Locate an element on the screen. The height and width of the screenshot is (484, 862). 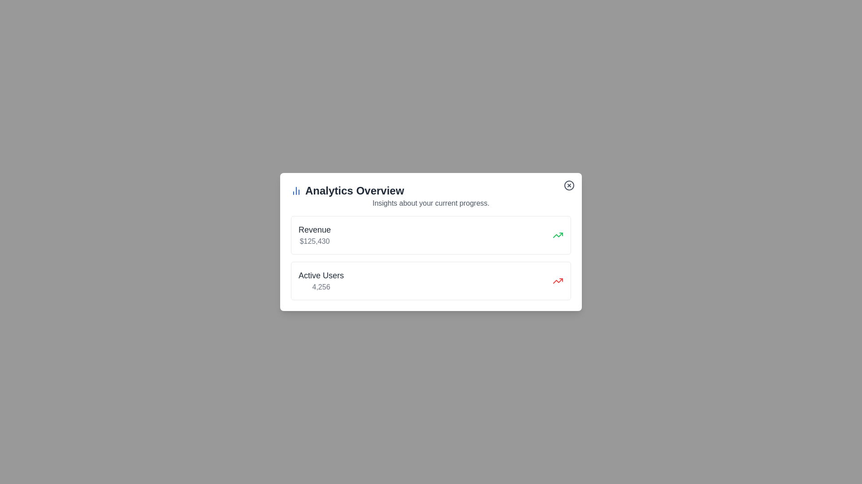
the financial information card displaying revenue details, located in the 'Analytics Overview' layout, positioned above the 'Active Users' card is located at coordinates (431, 234).